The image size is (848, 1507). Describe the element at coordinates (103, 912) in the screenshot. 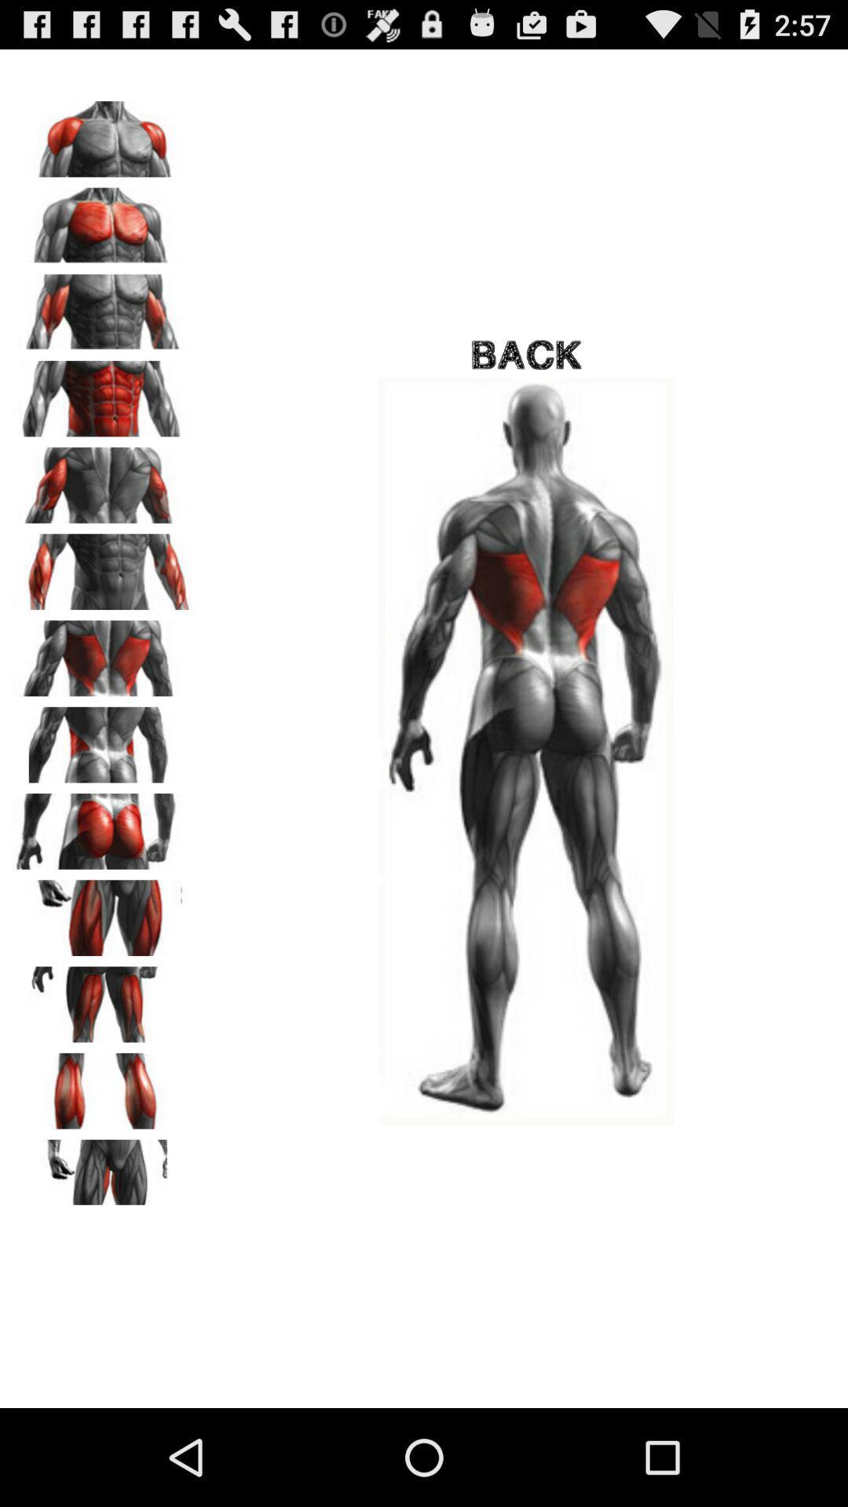

I see `enlarge picture` at that location.